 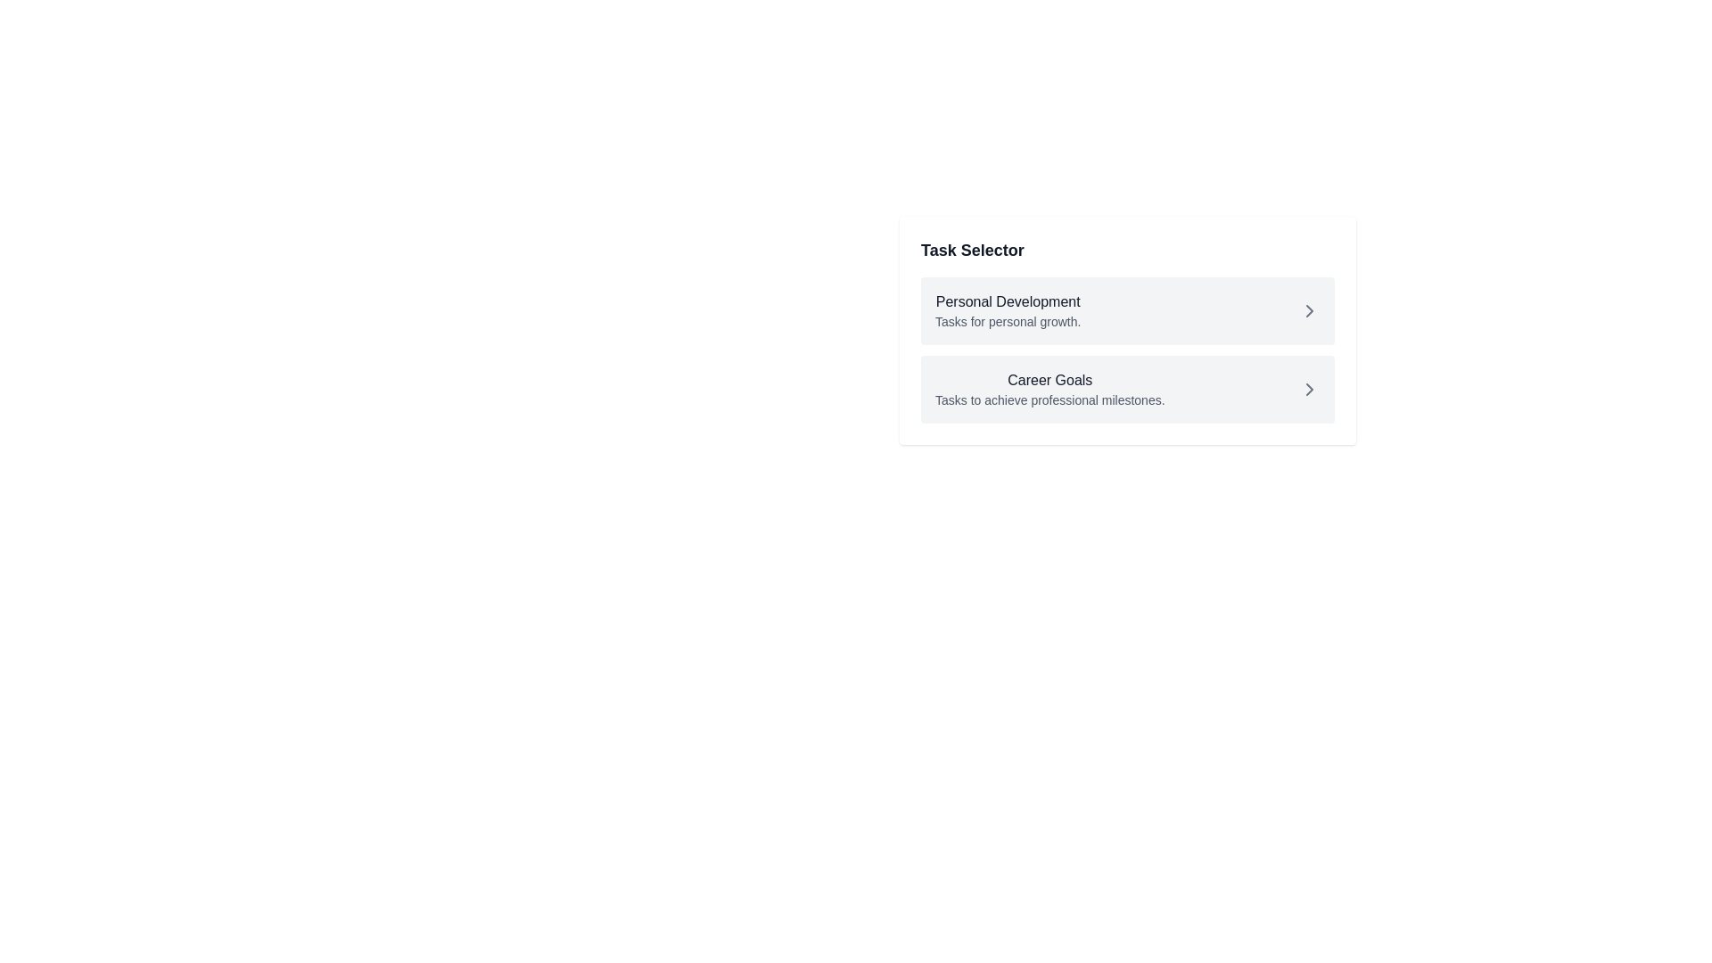 What do you see at coordinates (1049, 399) in the screenshot?
I see `text element displaying 'Tasks to achieve professional milestones.' which is located directly below the title 'Career Goals' and is styled in a smaller font size with a lighter gray color` at bounding box center [1049, 399].